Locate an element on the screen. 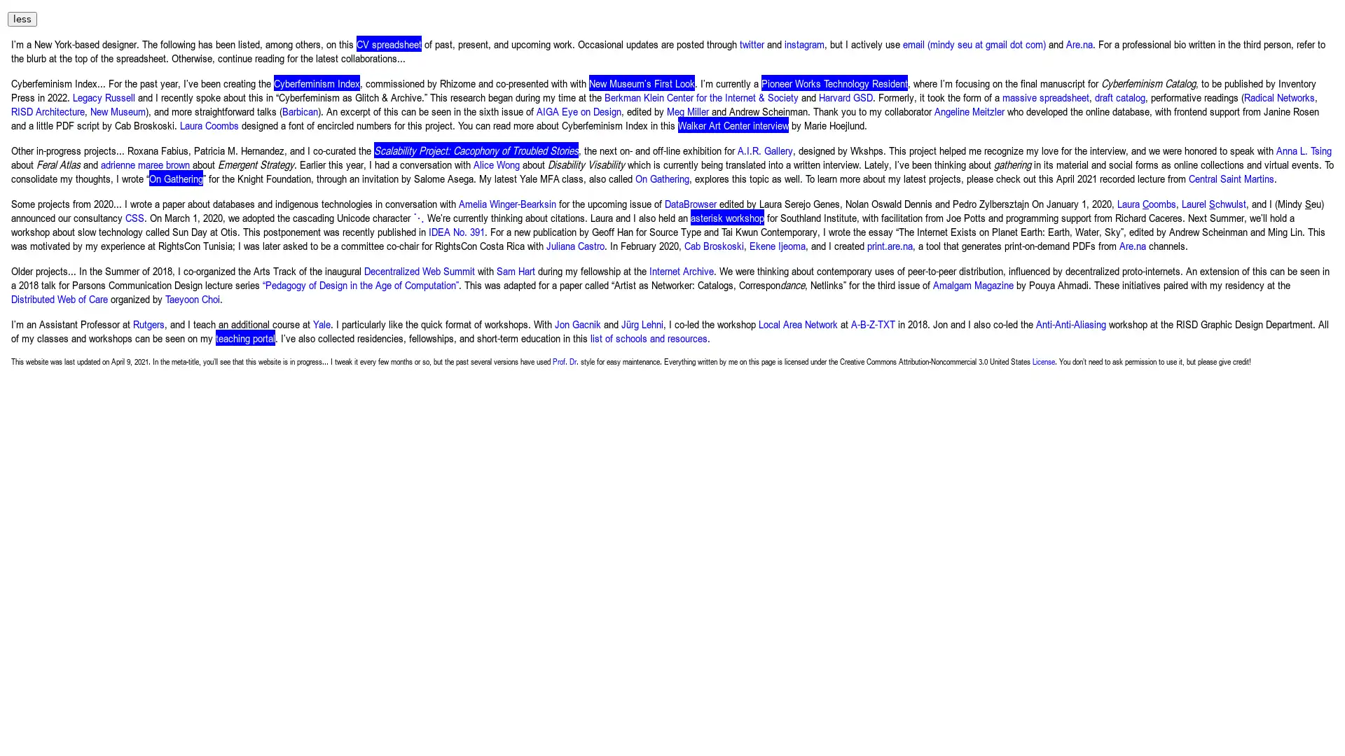 This screenshot has width=1345, height=756. less is located at coordinates (22, 19).